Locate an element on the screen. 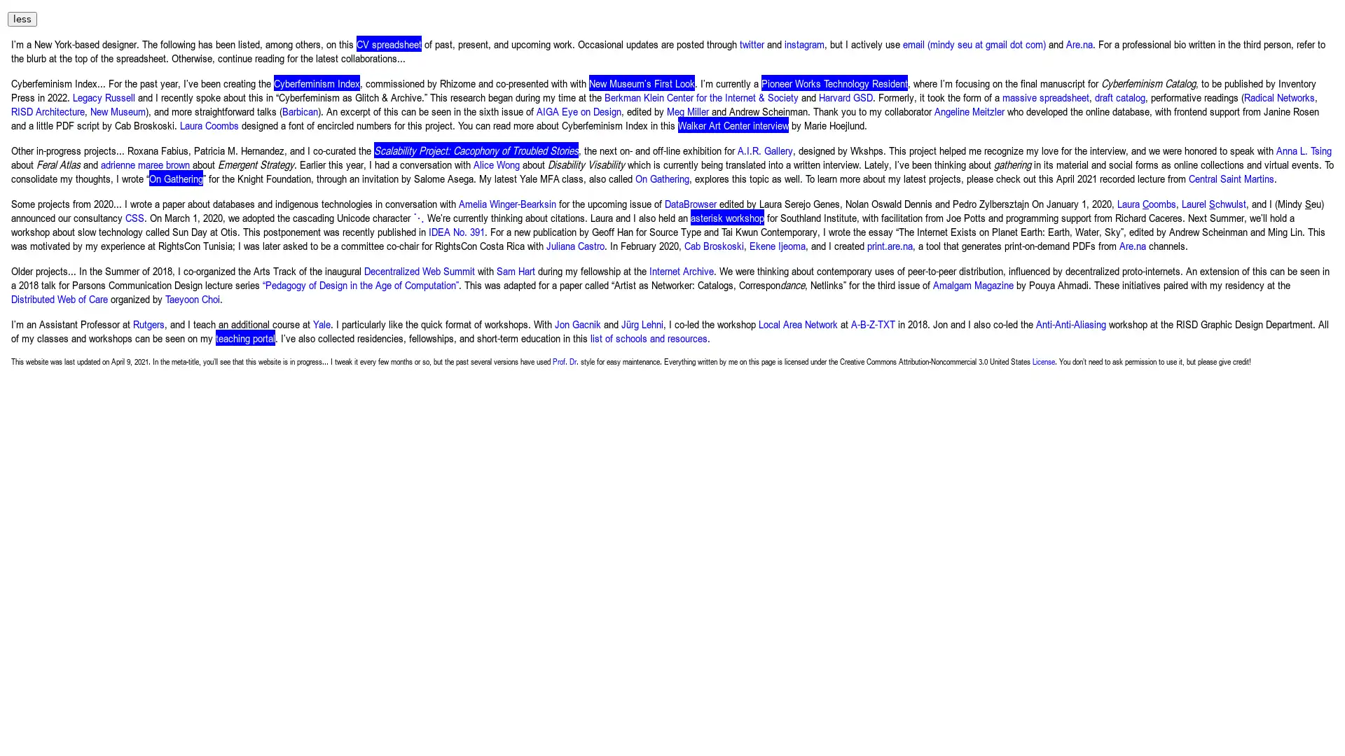 This screenshot has width=1345, height=756. less is located at coordinates (22, 19).